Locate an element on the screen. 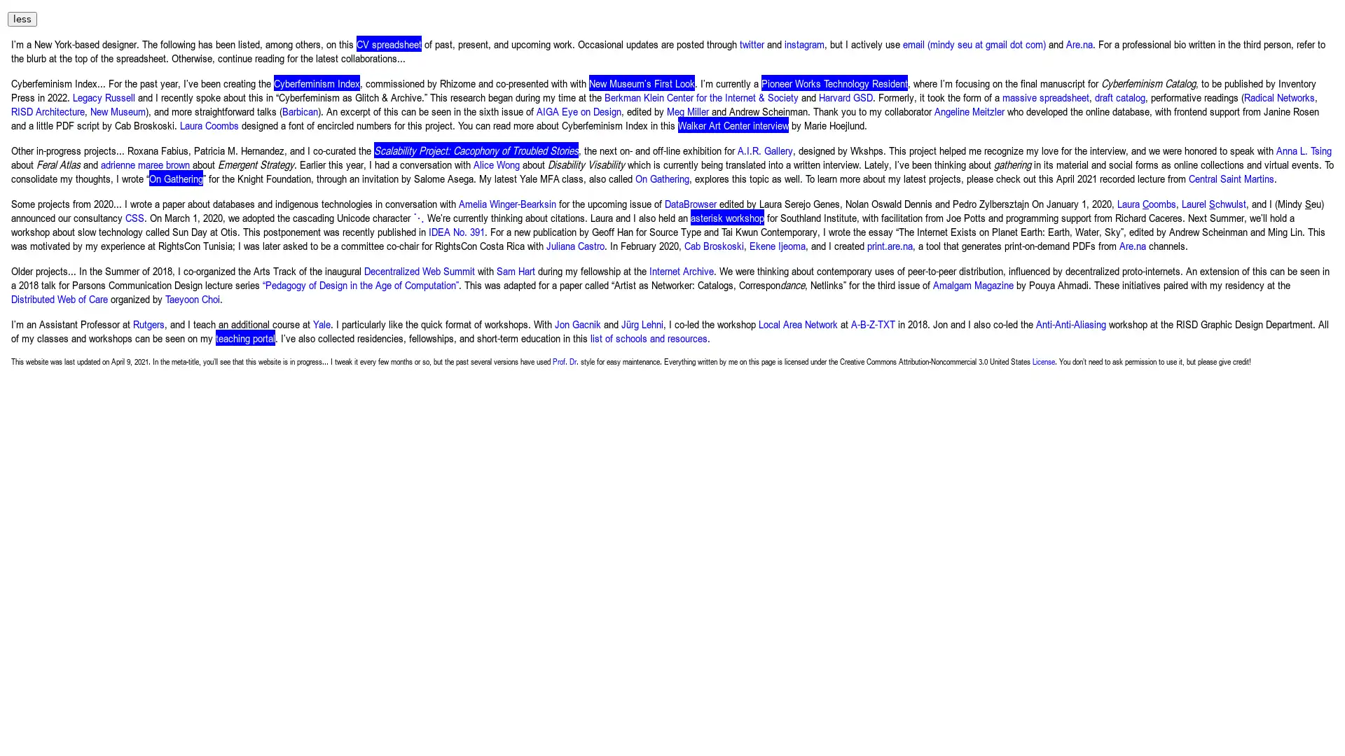 This screenshot has width=1345, height=756. less is located at coordinates (22, 19).